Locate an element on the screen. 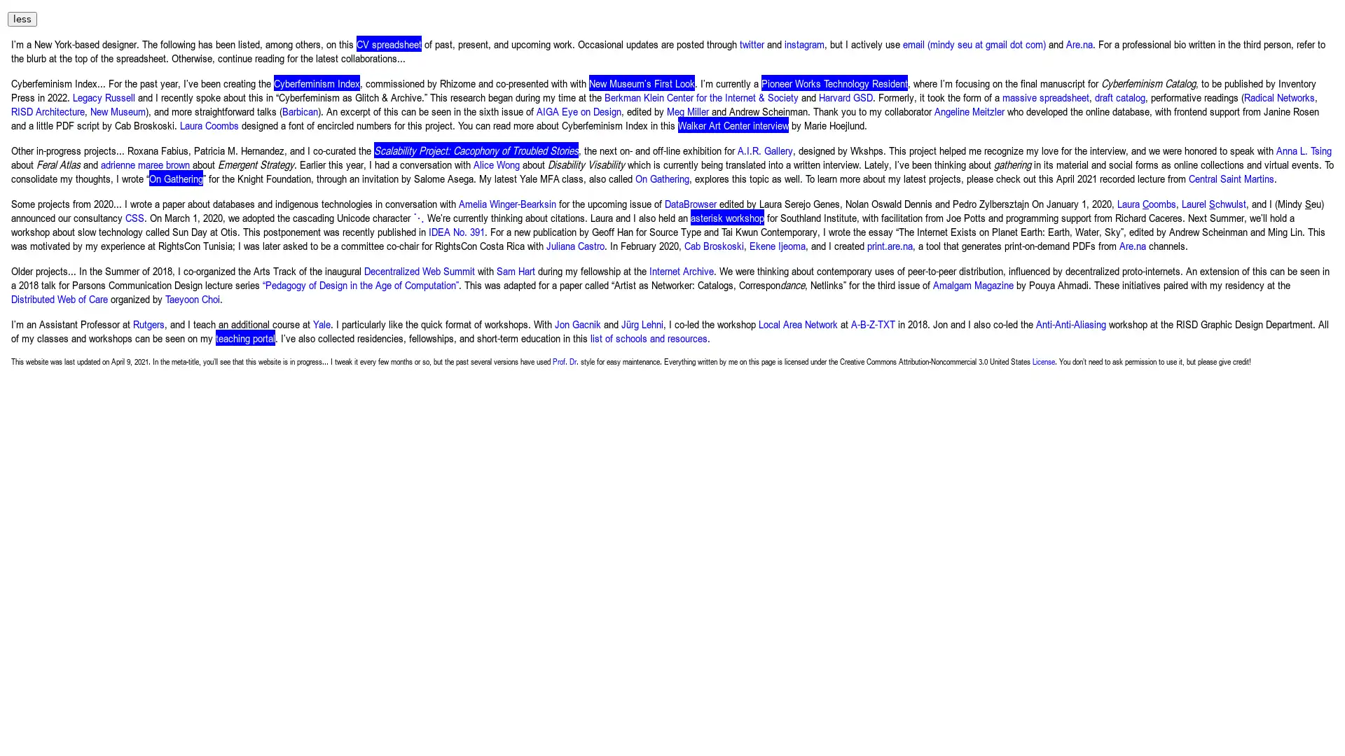 This screenshot has width=1345, height=756. less is located at coordinates (22, 19).